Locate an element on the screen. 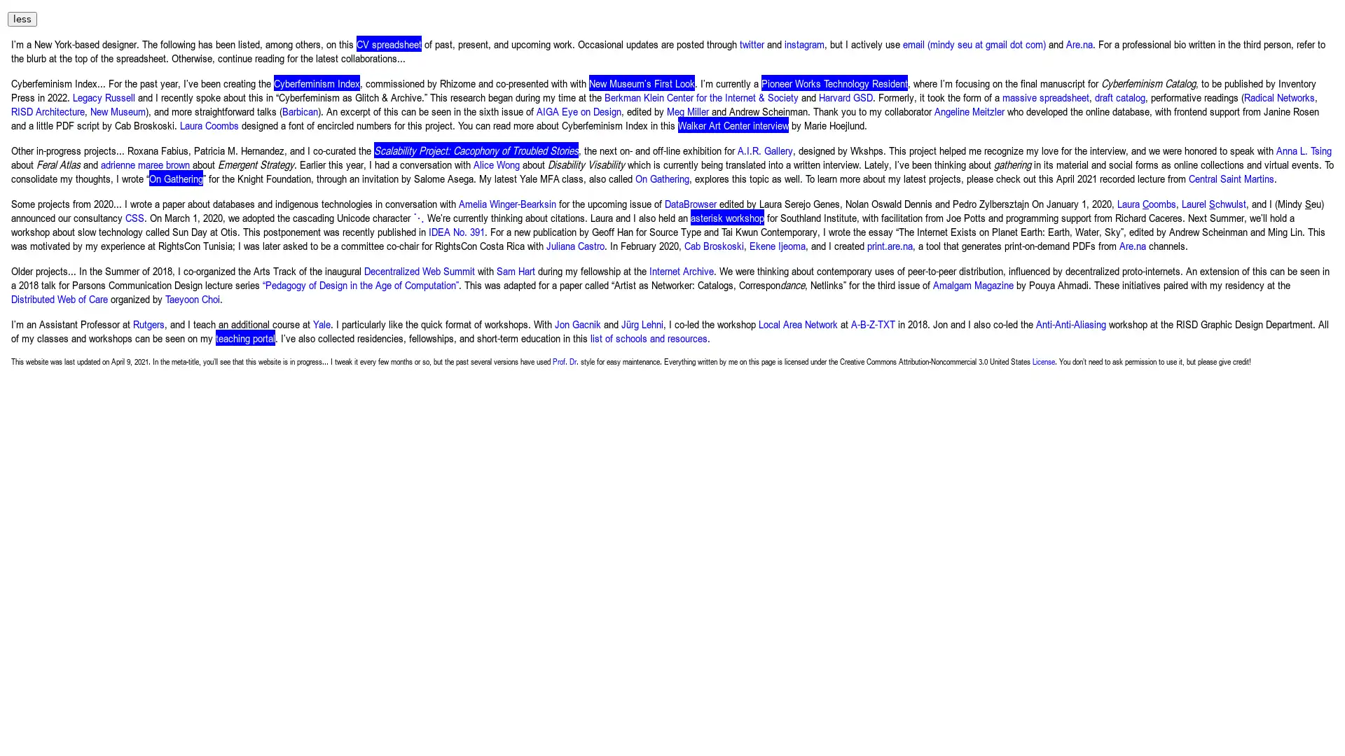 This screenshot has width=1345, height=756. less is located at coordinates (22, 19).